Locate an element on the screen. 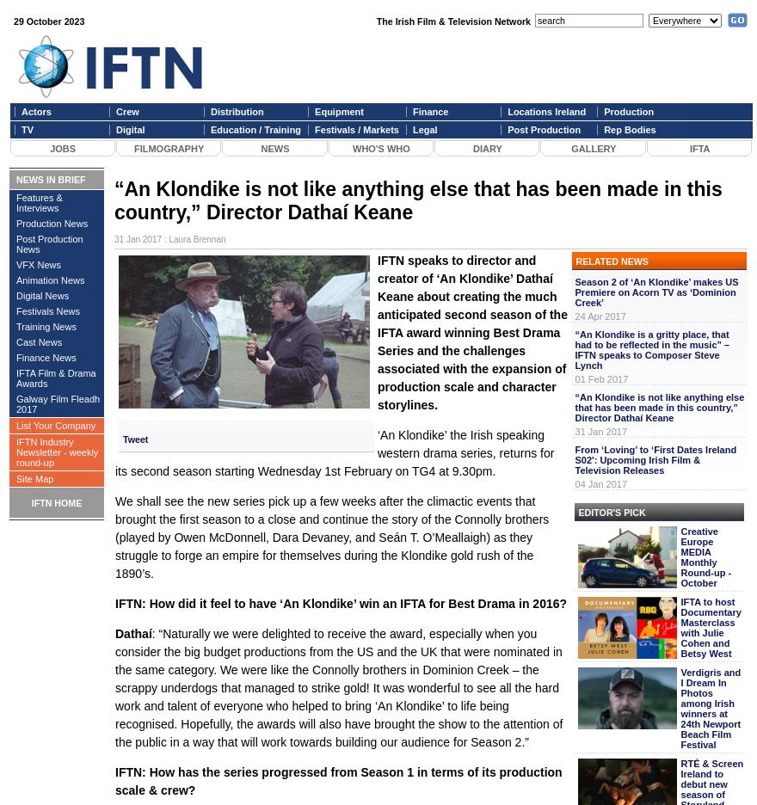 Image resolution: width=757 pixels, height=805 pixels. 'Season 2 of ‘An Klondike’ makes US Premiere on Acorn TV as ‘Dominion Creek’' is located at coordinates (574, 291).